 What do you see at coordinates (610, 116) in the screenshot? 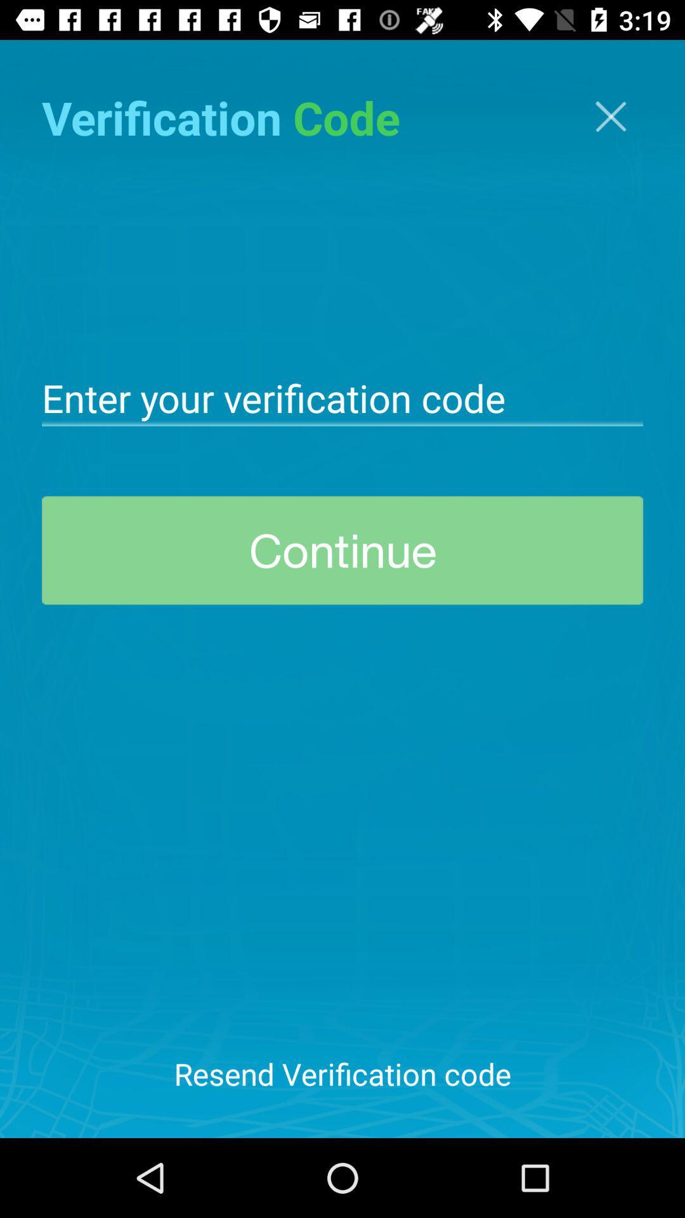
I see `the icon to the right of verification code icon` at bounding box center [610, 116].